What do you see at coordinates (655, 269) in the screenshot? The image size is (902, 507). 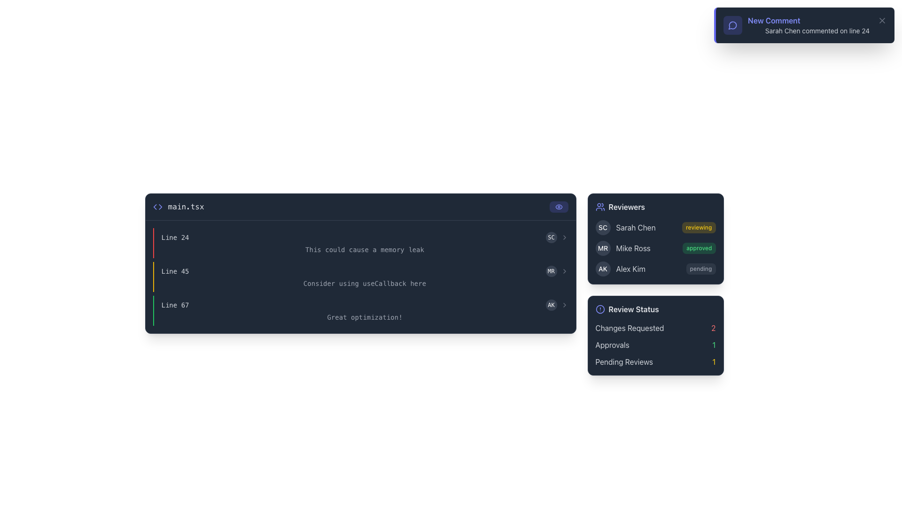 I see `Review status entry for Alex Kim, which features a profile picture icon with initials 'AK', a name 'Alex Kim', and a status badge labeled 'pending', located in the 'Reviewers' section as the third item in the list` at bounding box center [655, 269].